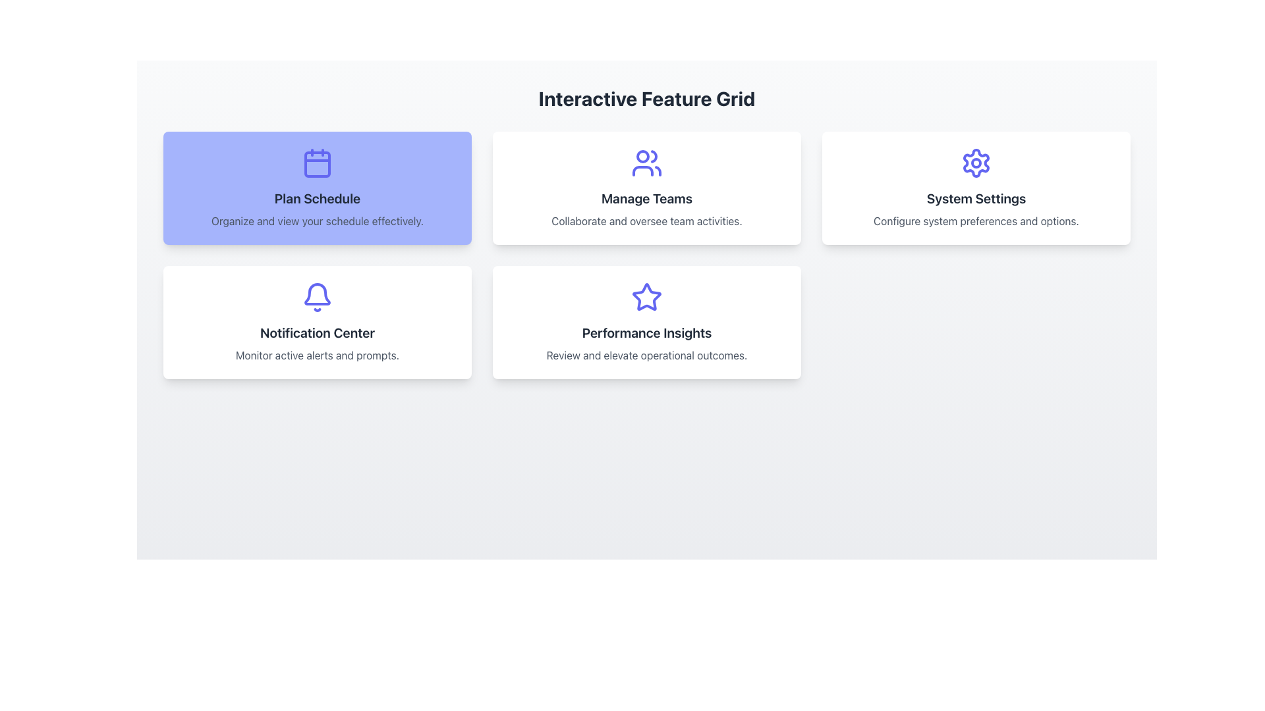 This screenshot has height=711, width=1265. What do you see at coordinates (642, 156) in the screenshot?
I see `SVG Circle Element that represents the 'Manage Teams' feature, which is part of a user group icon positioned in the upper portion of the middle column among six cards in a grid layout` at bounding box center [642, 156].